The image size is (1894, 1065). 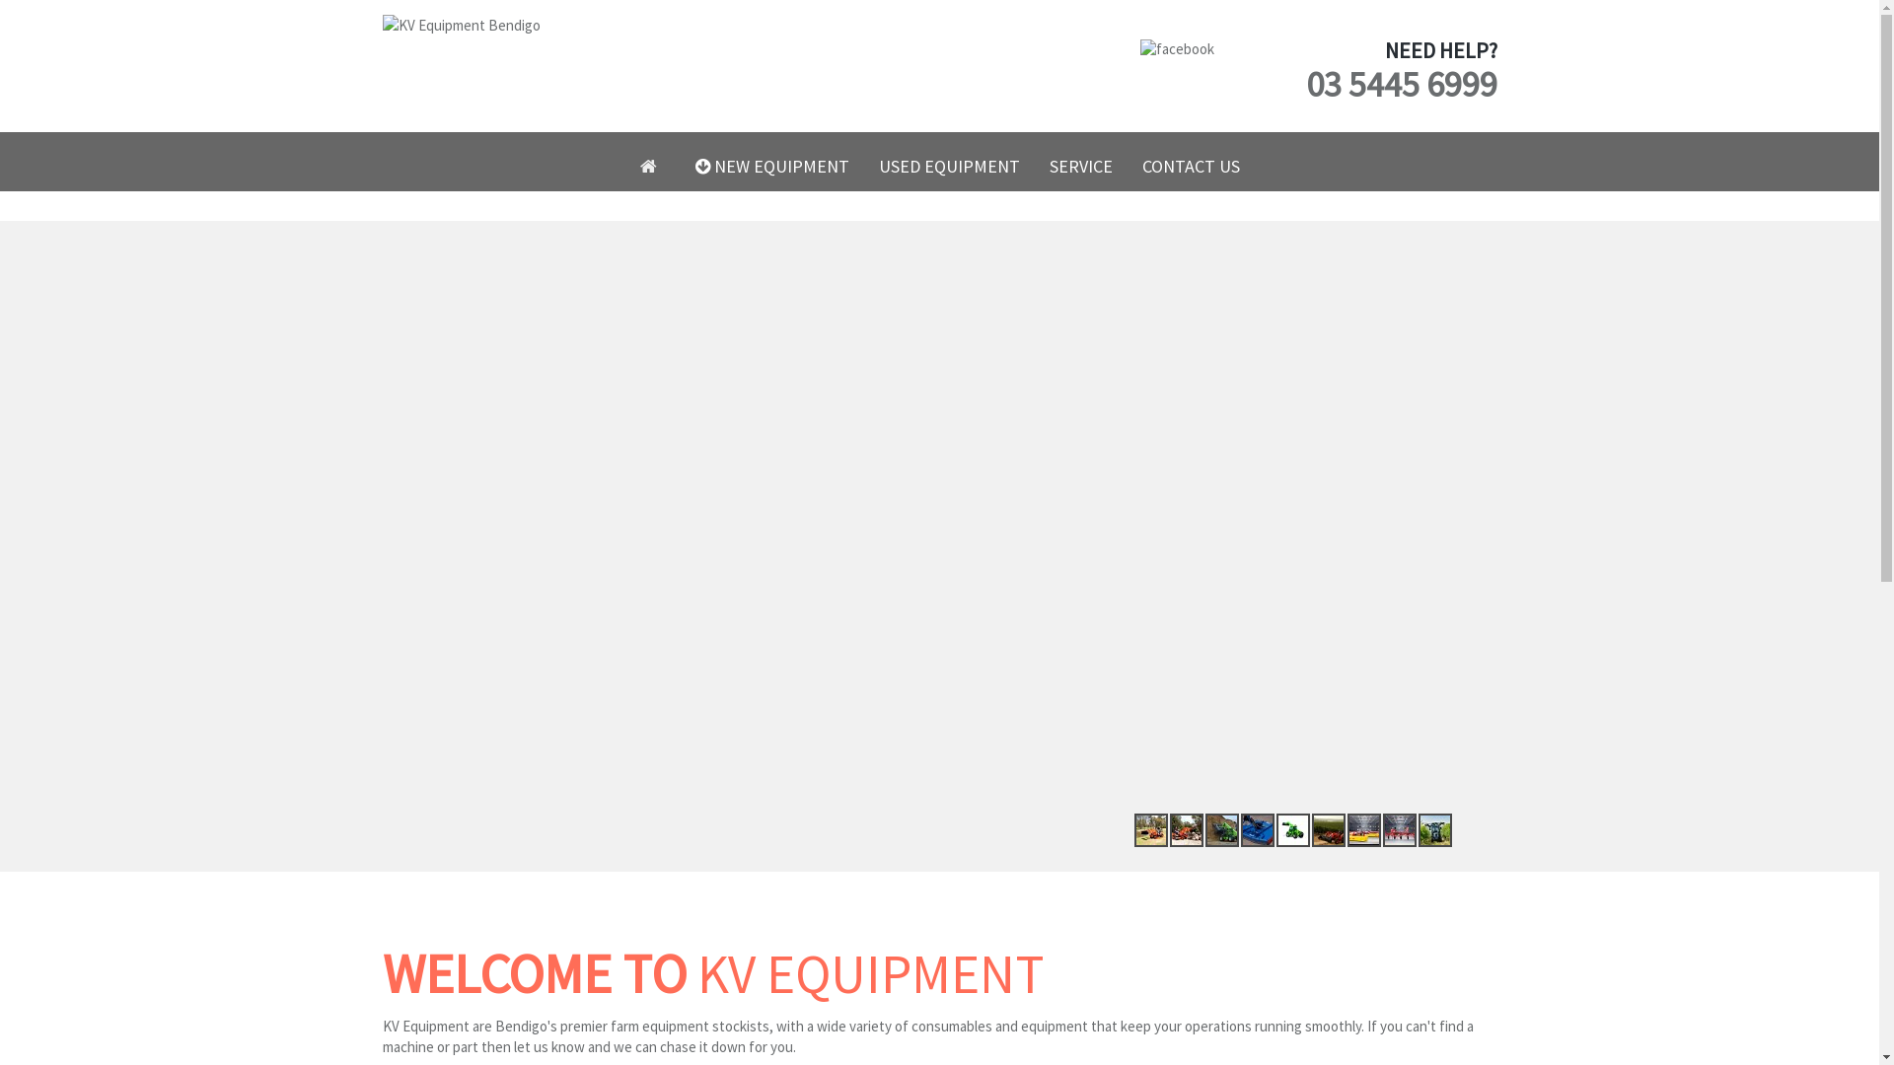 I want to click on 'SERVICE', so click(x=1078, y=166).